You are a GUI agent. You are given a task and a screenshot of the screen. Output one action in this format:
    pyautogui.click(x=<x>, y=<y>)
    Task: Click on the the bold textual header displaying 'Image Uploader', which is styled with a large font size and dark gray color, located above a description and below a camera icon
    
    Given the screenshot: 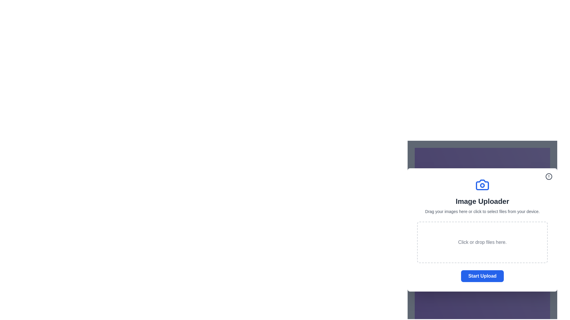 What is the action you would take?
    pyautogui.click(x=482, y=201)
    